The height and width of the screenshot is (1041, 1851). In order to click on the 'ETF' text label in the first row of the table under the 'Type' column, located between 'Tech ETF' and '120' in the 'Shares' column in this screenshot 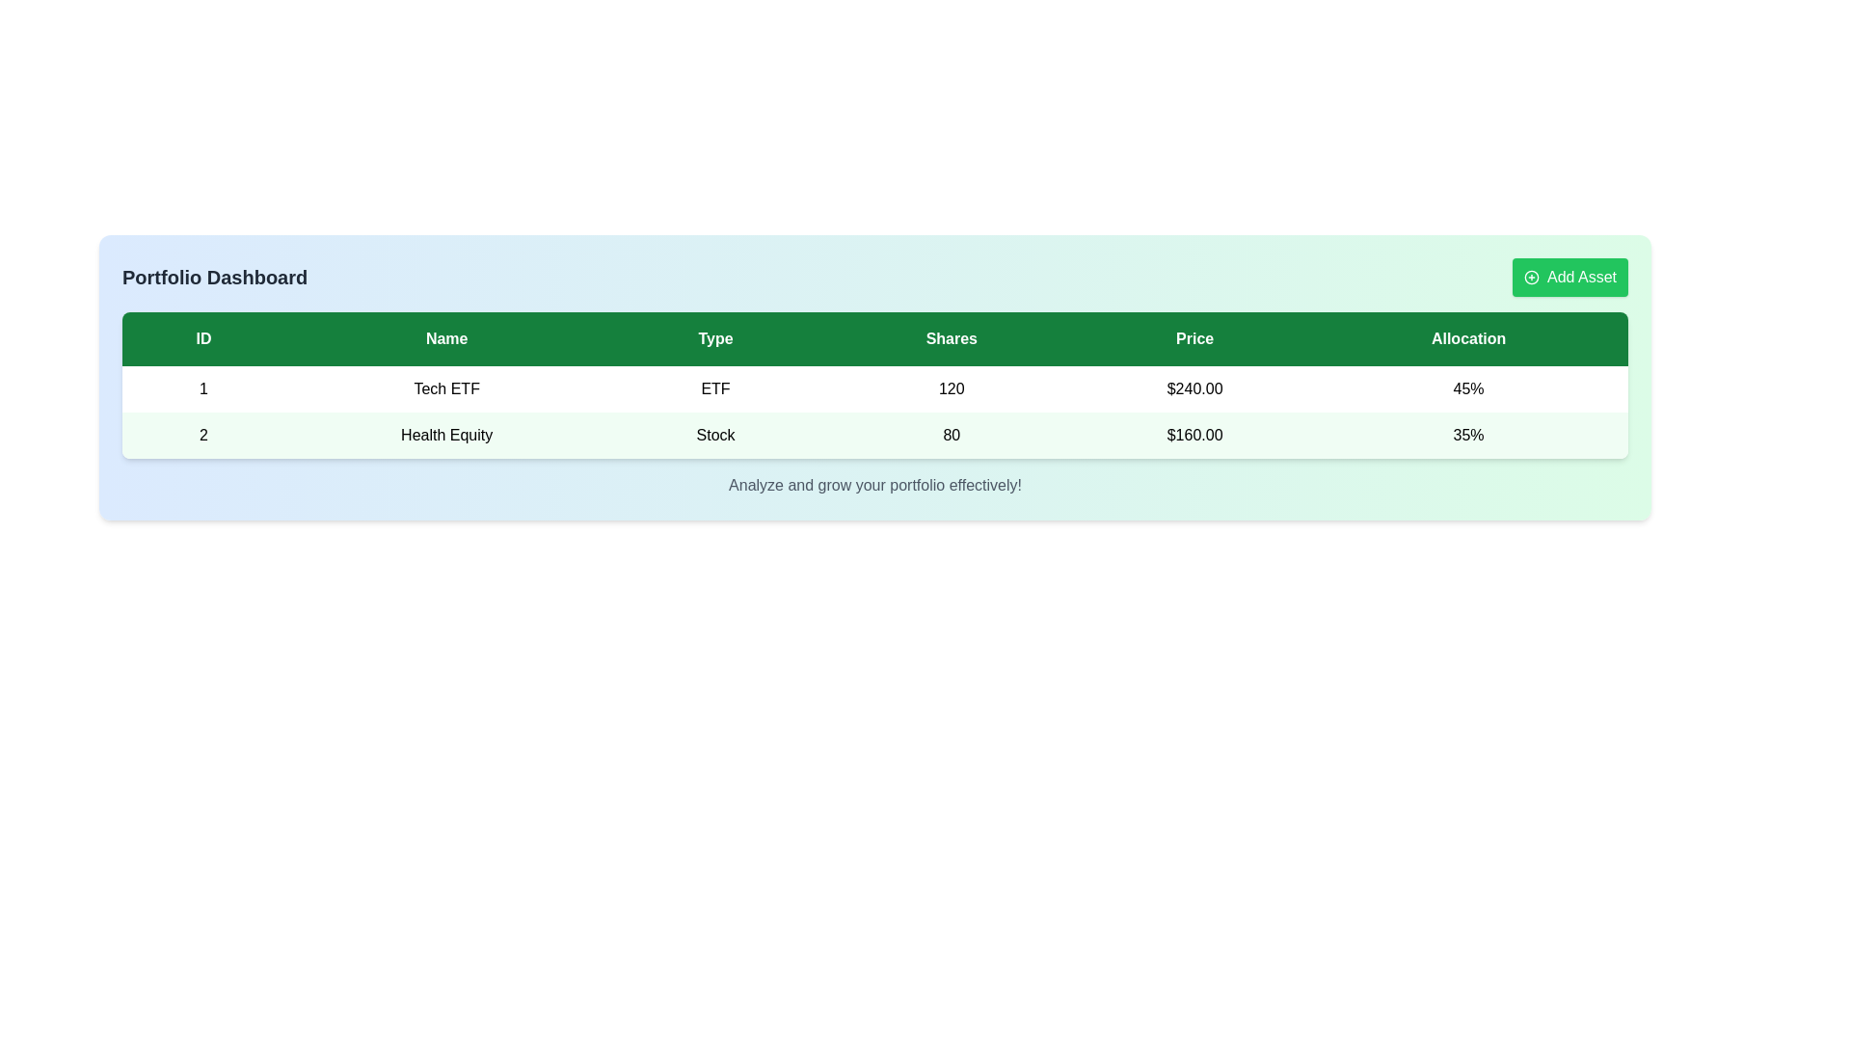, I will do `click(714, 389)`.